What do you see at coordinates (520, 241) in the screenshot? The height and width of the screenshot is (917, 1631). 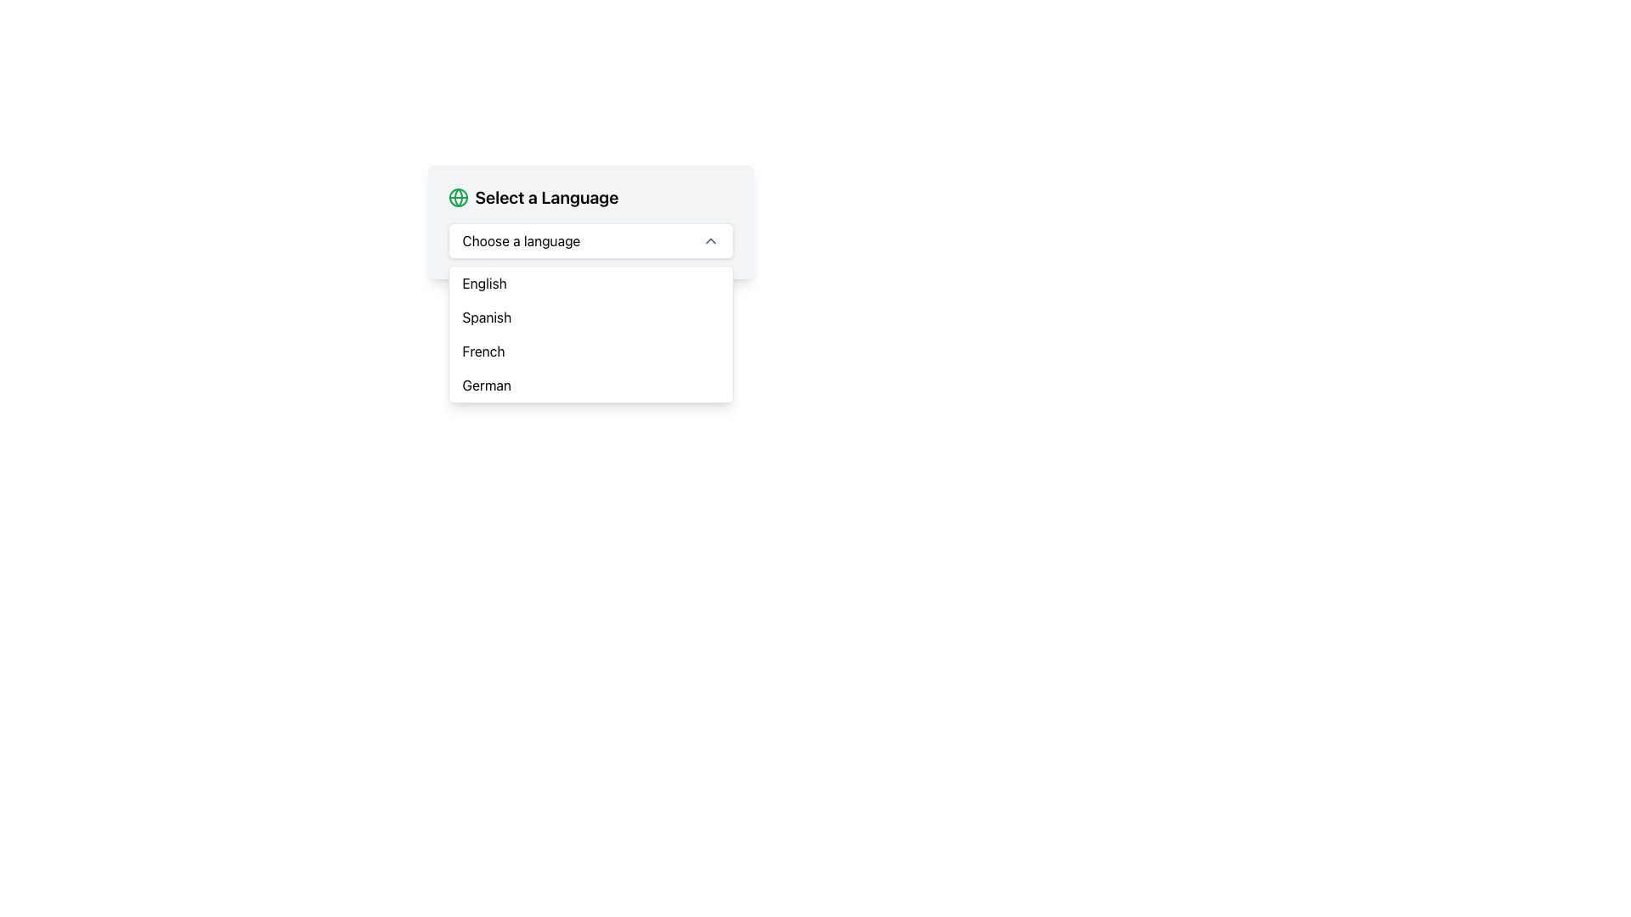 I see `the text display element that says 'Choose a language', which is centrally aligned within the dropdown interface and positioned to the left of the chevron icon` at bounding box center [520, 241].